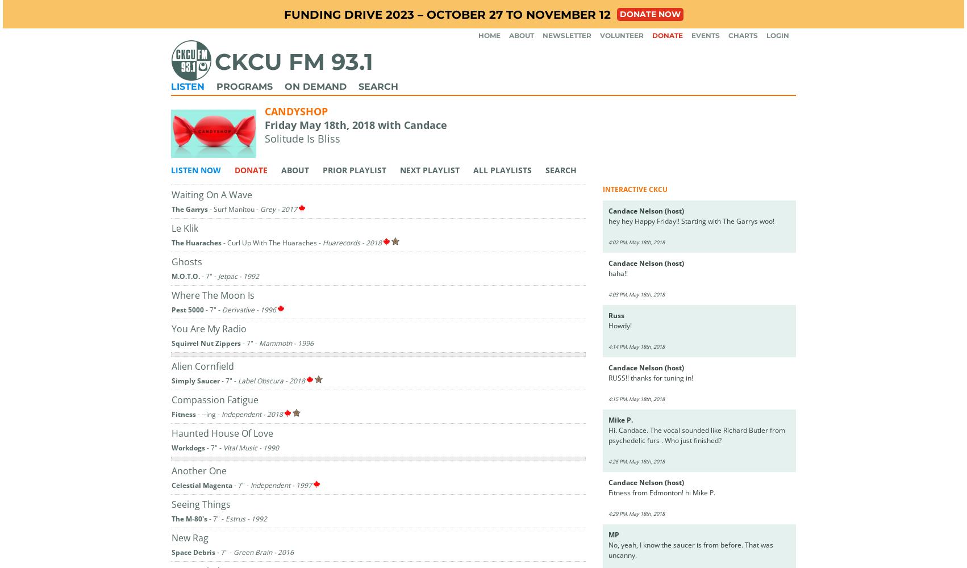 The width and height of the screenshot is (967, 568). What do you see at coordinates (295, 110) in the screenshot?
I see `'Candyshop'` at bounding box center [295, 110].